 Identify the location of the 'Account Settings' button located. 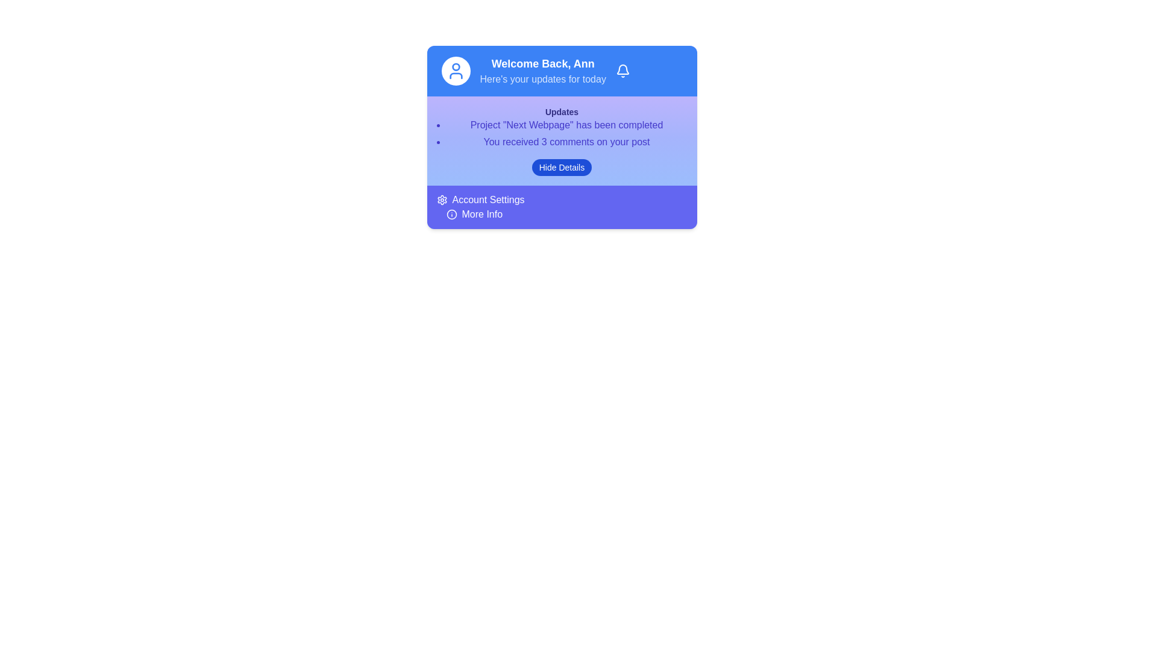
(480, 199).